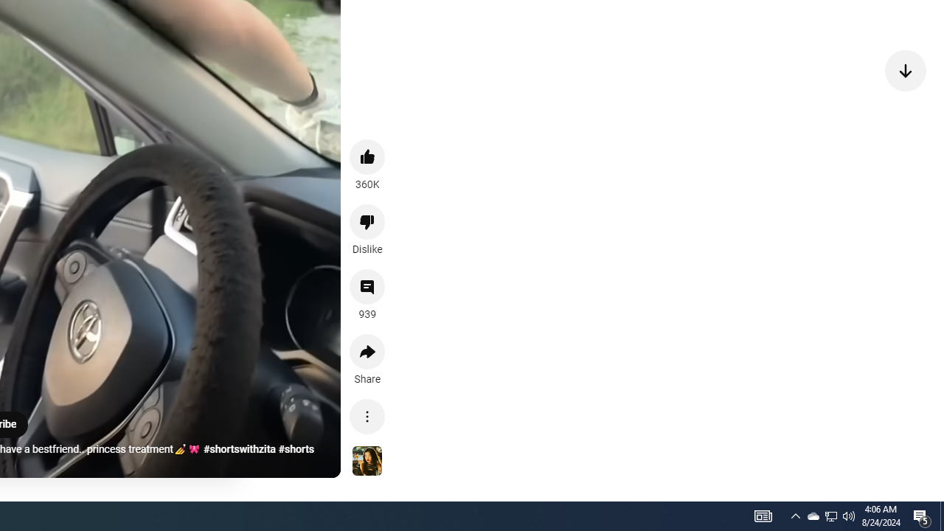 The image size is (944, 531). What do you see at coordinates (367, 352) in the screenshot?
I see `'Share'` at bounding box center [367, 352].